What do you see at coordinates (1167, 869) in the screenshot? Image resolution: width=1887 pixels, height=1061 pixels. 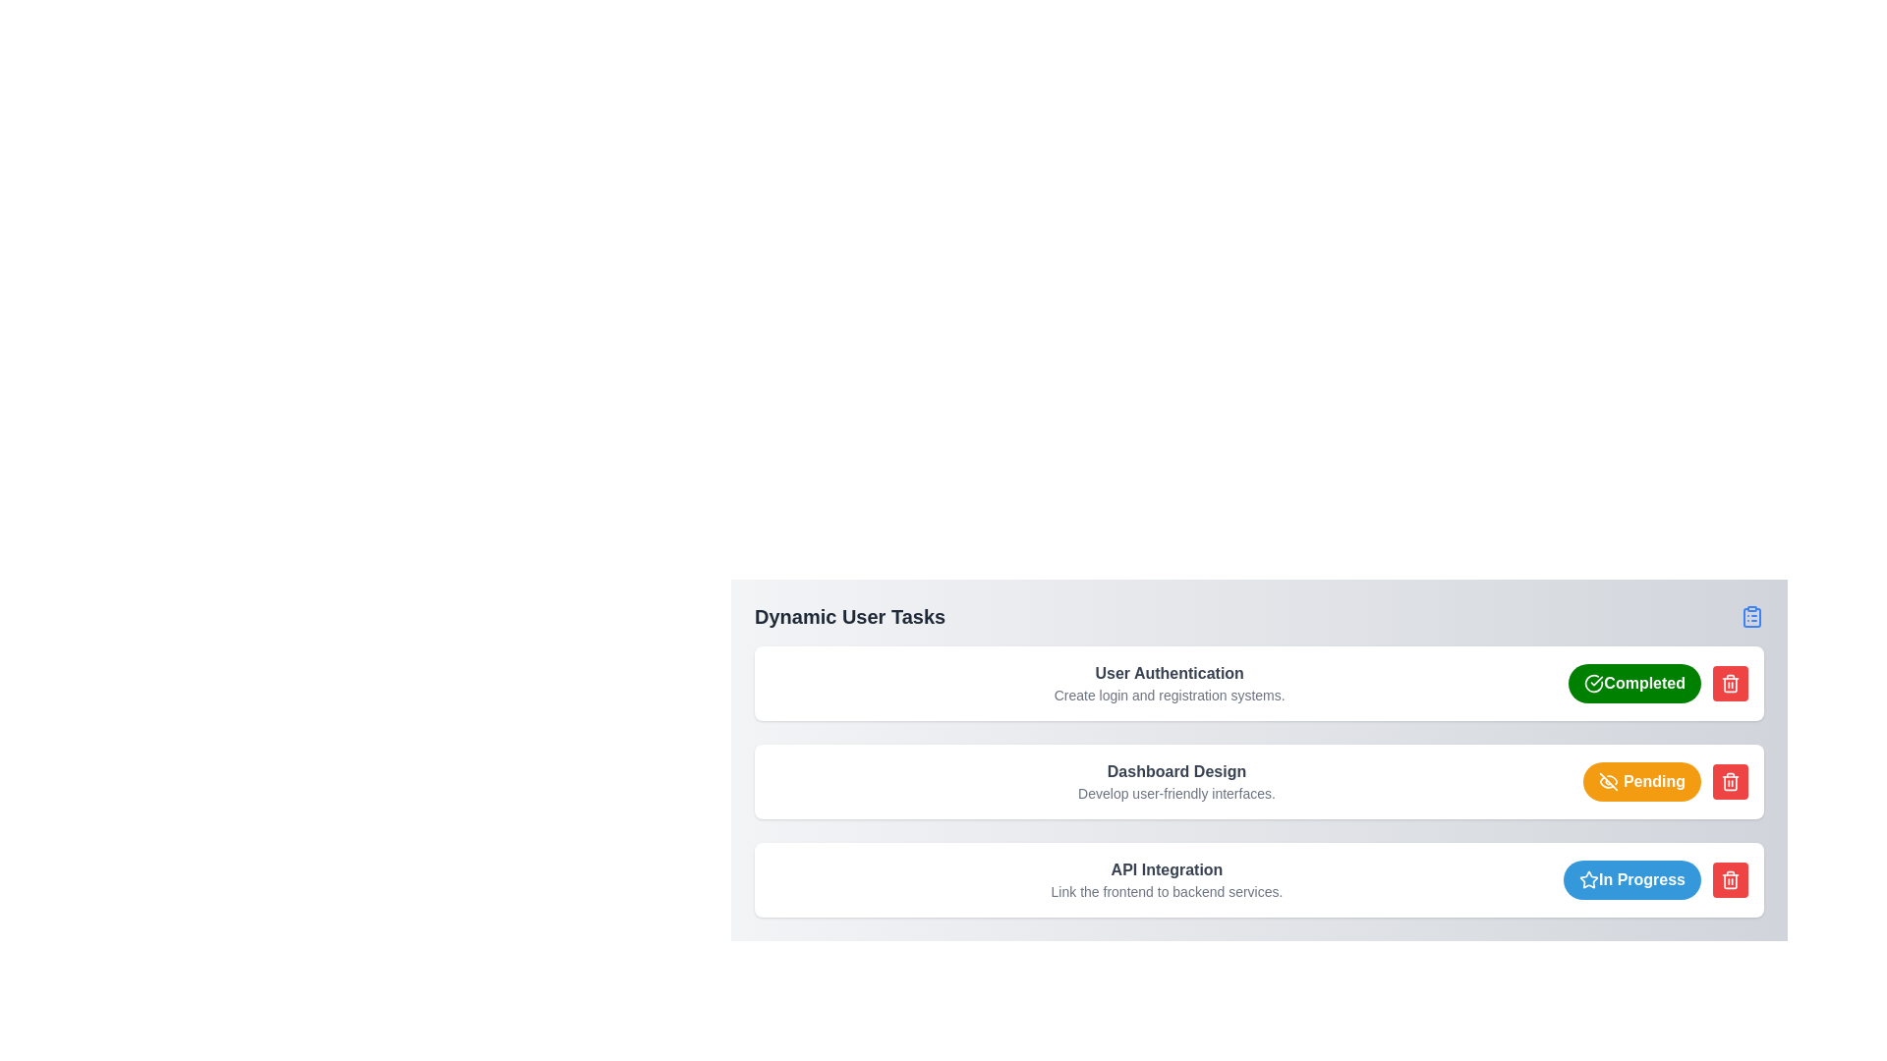 I see `the 'API Integration' text heading, which is bold and dark gray` at bounding box center [1167, 869].